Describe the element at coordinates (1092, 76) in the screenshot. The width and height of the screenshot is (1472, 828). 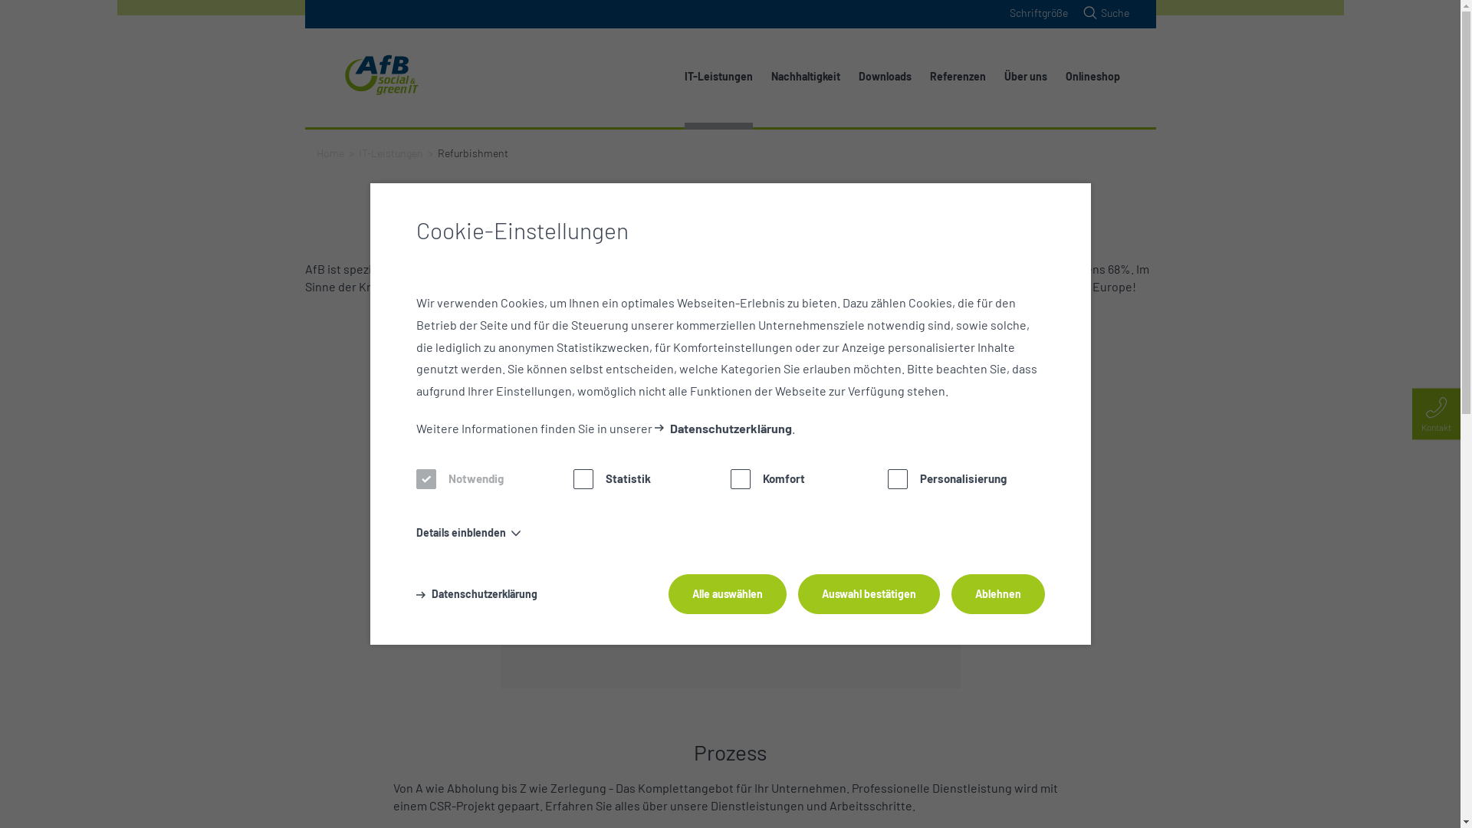
I see `'Onlineshop'` at that location.